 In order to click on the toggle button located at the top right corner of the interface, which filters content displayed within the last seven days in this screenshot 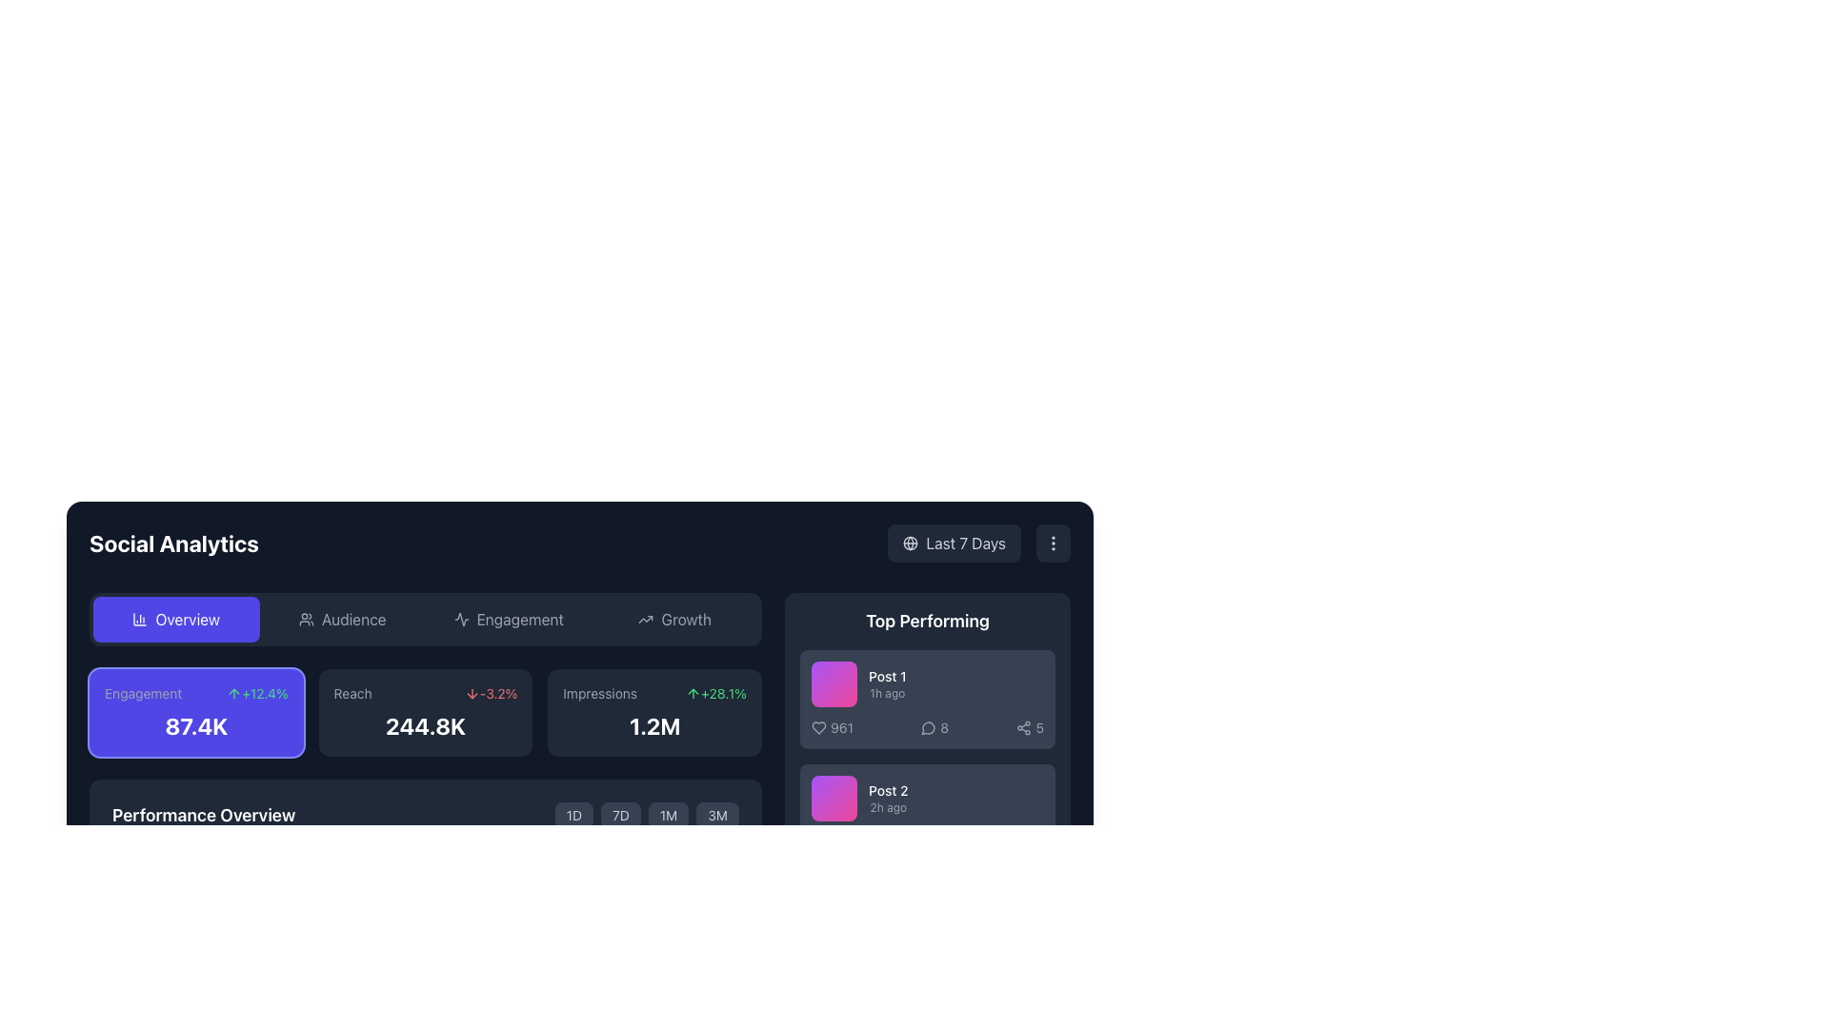, I will do `click(955, 543)`.